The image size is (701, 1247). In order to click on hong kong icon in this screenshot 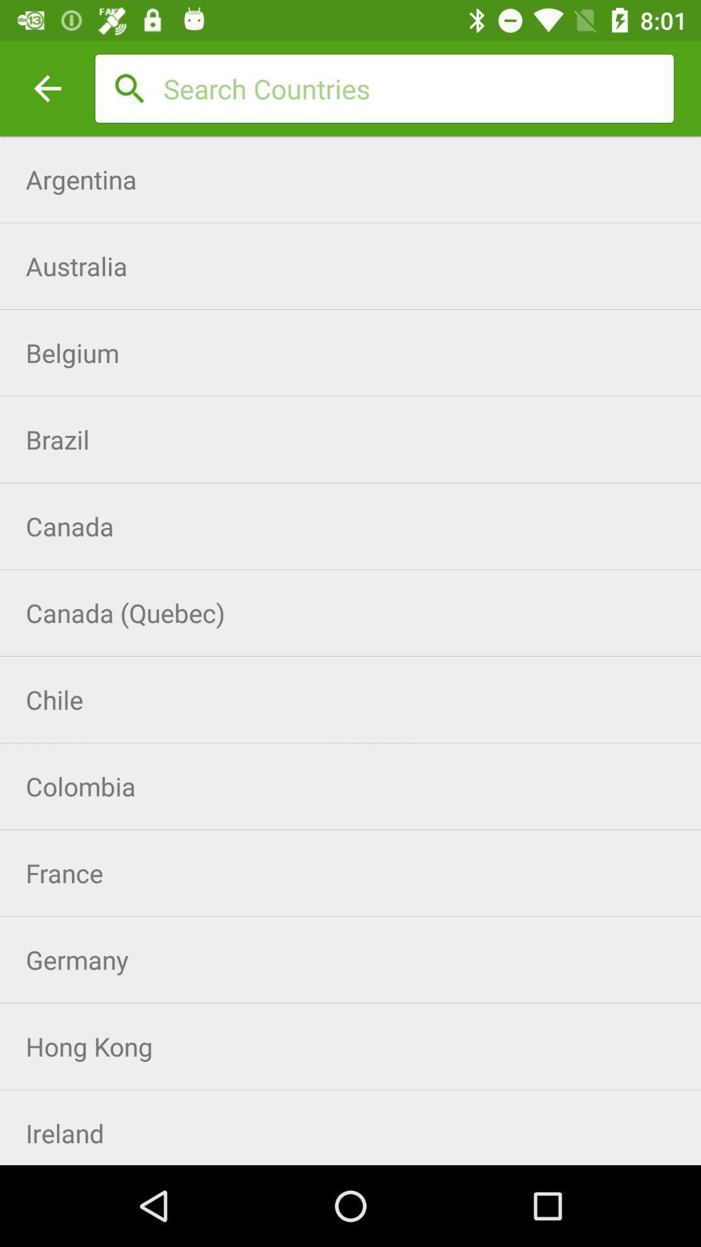, I will do `click(350, 1046)`.